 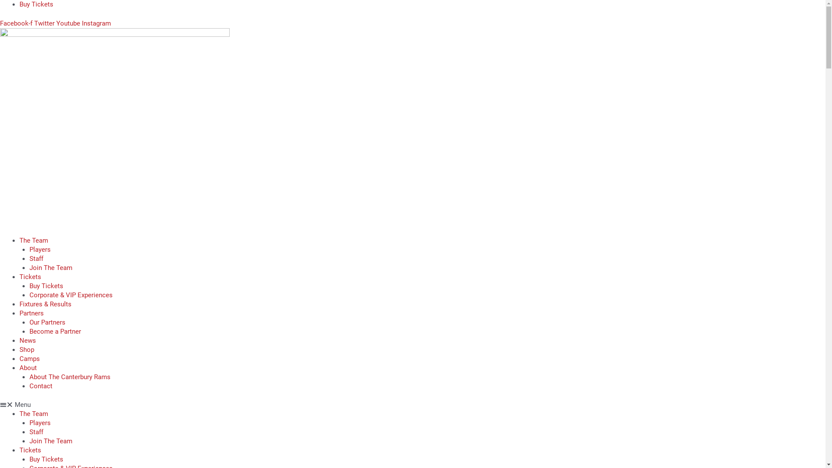 I want to click on 'Instagram', so click(x=81, y=23).